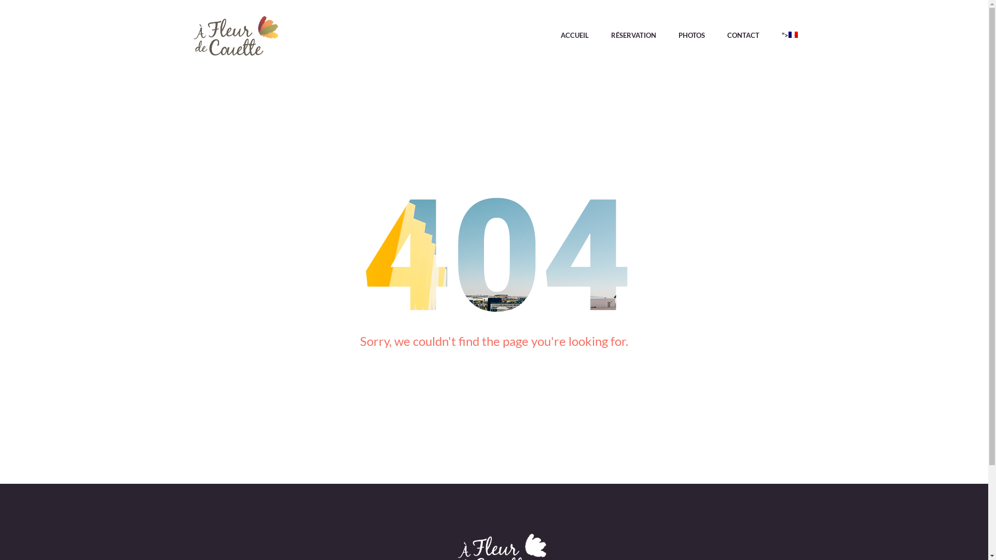  What do you see at coordinates (574, 37) in the screenshot?
I see `'ACCUEIL'` at bounding box center [574, 37].